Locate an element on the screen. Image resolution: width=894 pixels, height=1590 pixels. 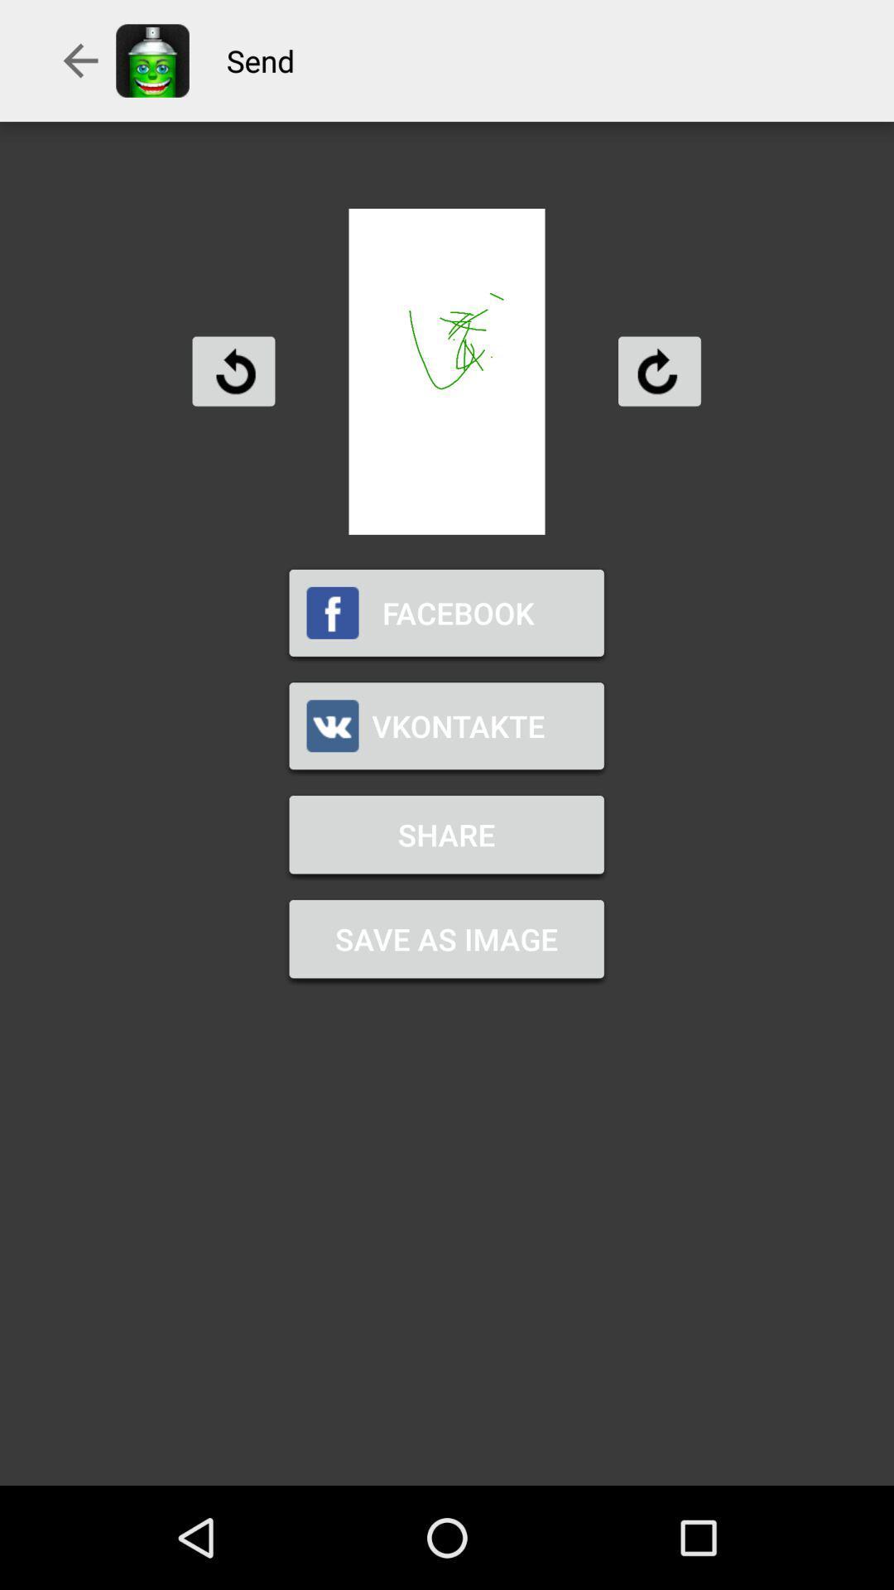
undo last move is located at coordinates (233, 370).